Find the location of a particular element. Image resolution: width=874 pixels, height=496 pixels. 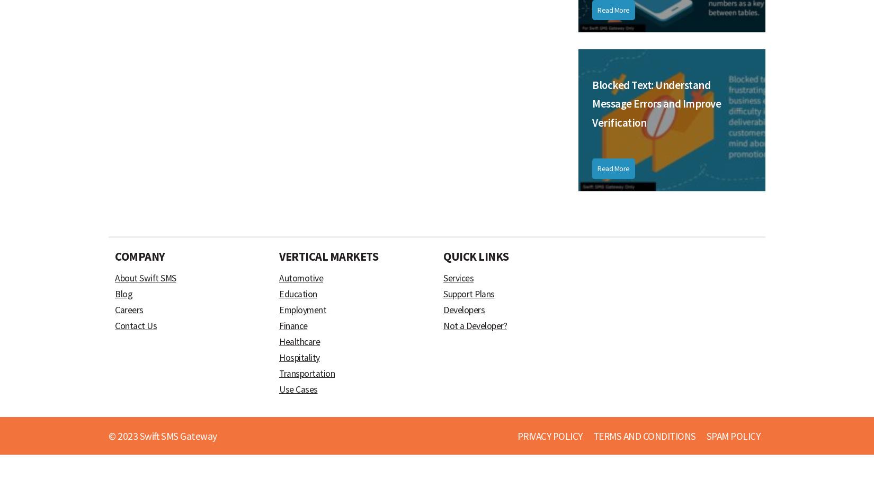

'Support Plans' is located at coordinates (469, 293).